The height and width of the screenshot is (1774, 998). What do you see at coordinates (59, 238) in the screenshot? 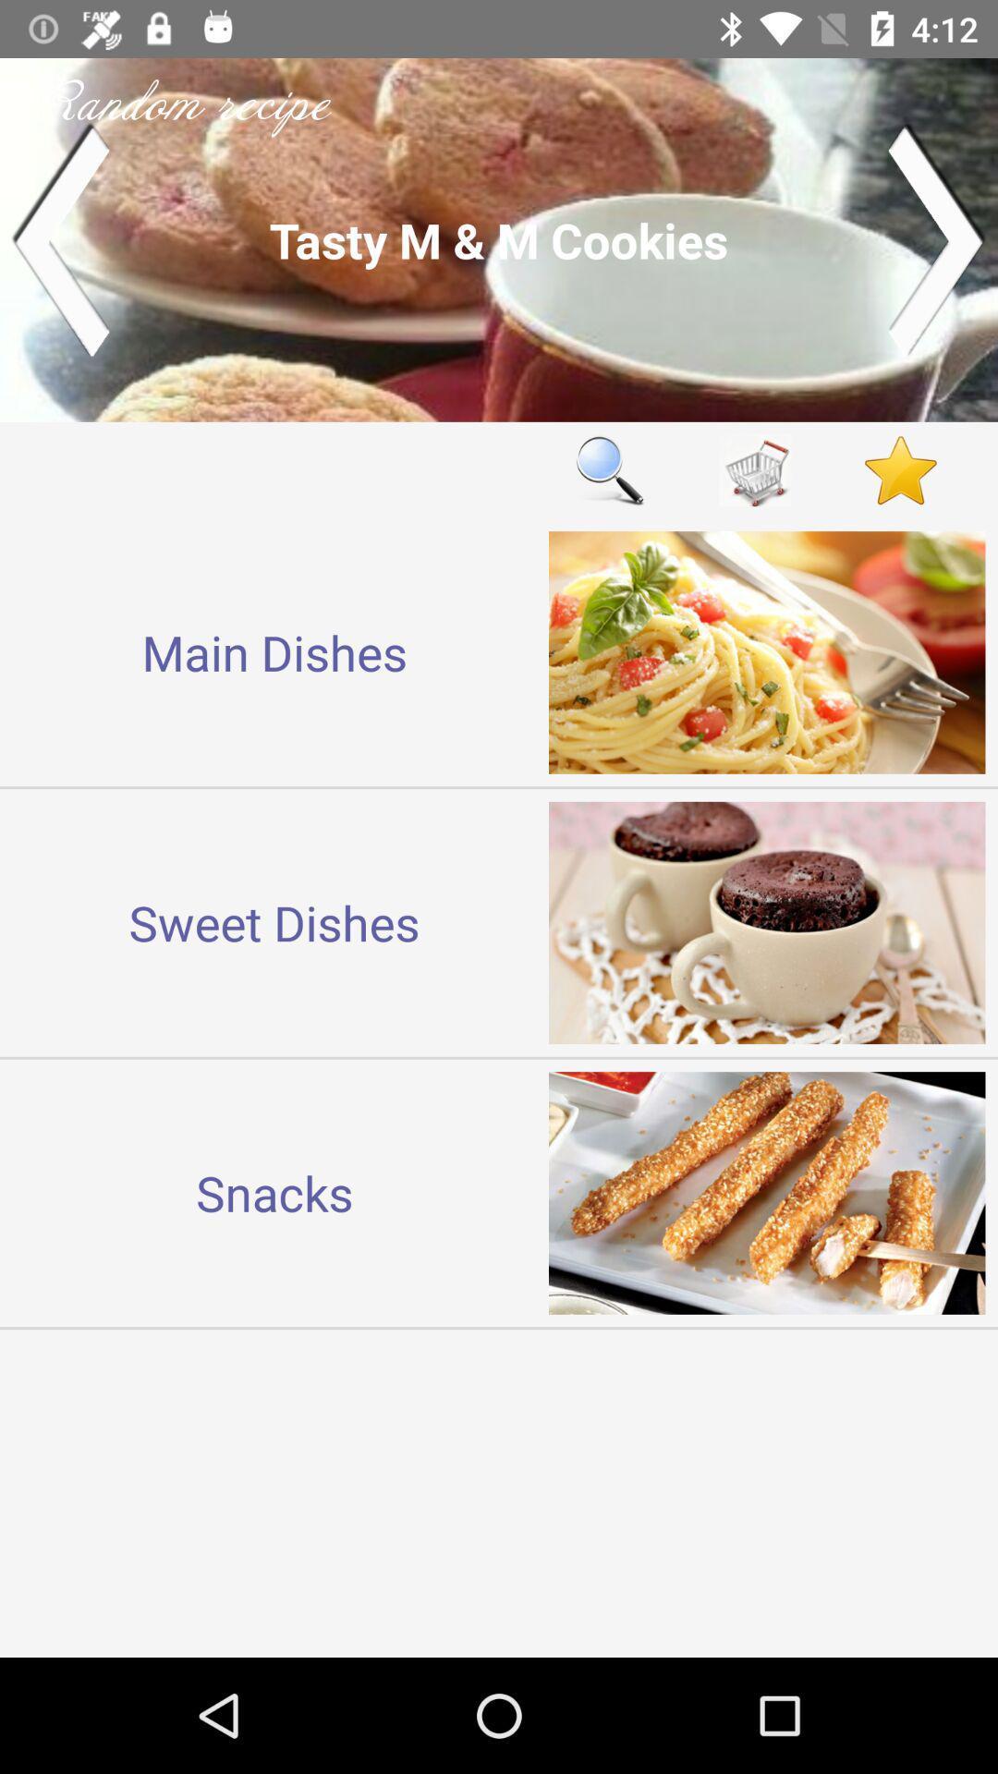
I see `previous menu` at bounding box center [59, 238].